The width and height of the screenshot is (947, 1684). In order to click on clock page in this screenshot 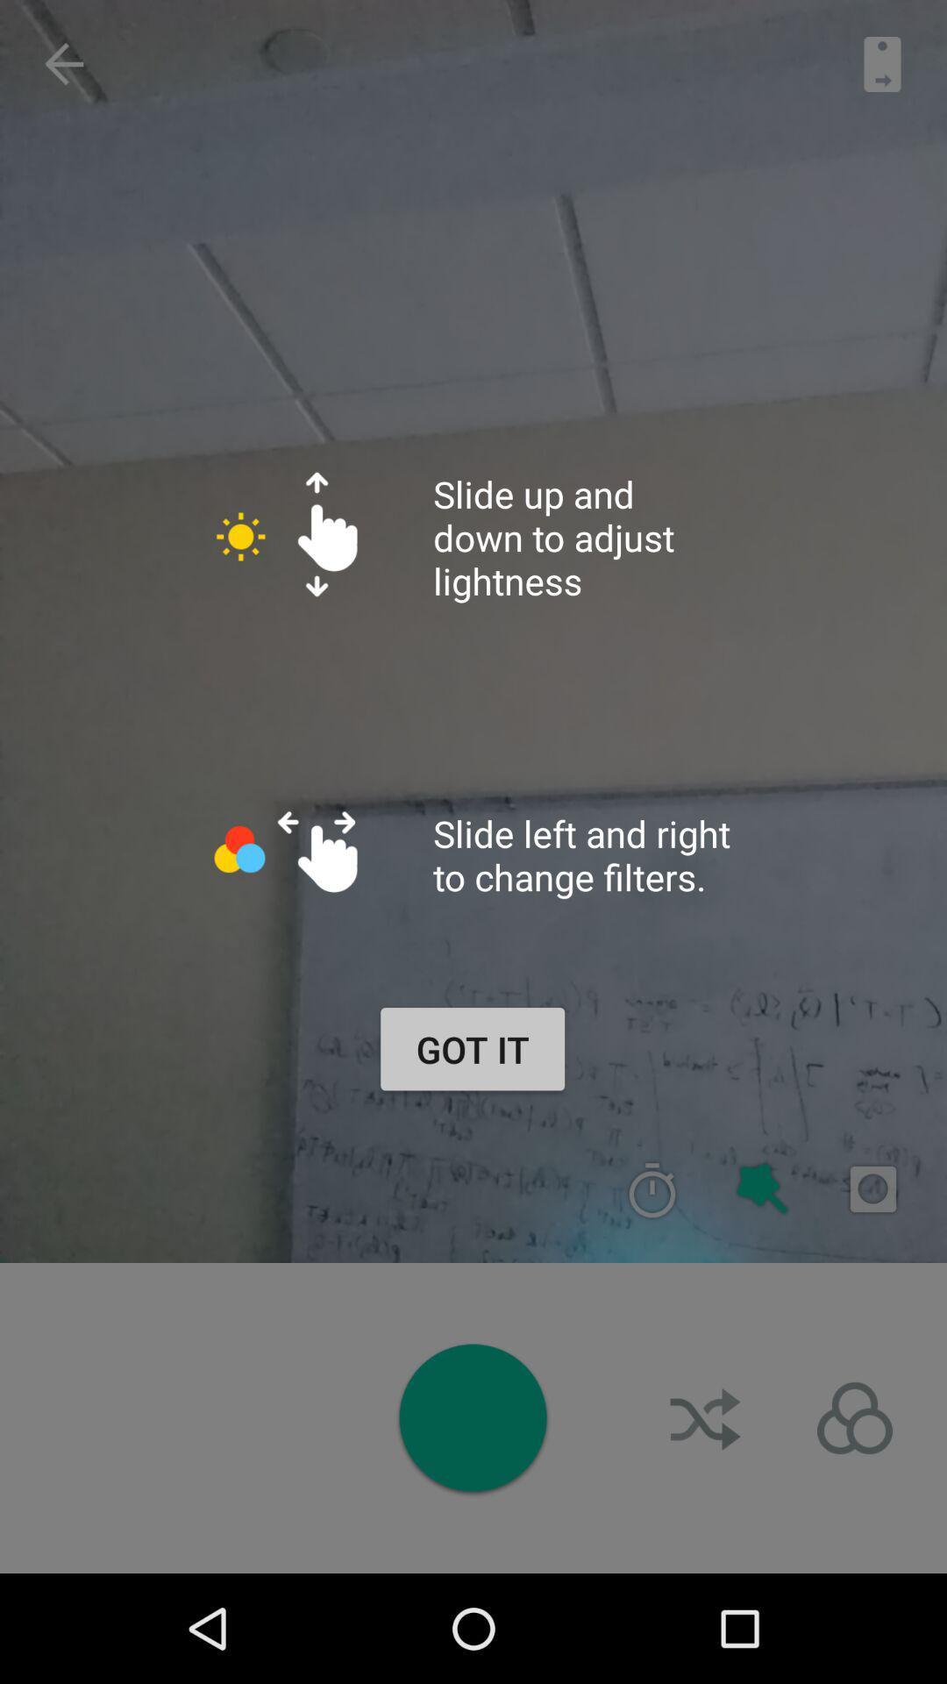, I will do `click(652, 1189)`.